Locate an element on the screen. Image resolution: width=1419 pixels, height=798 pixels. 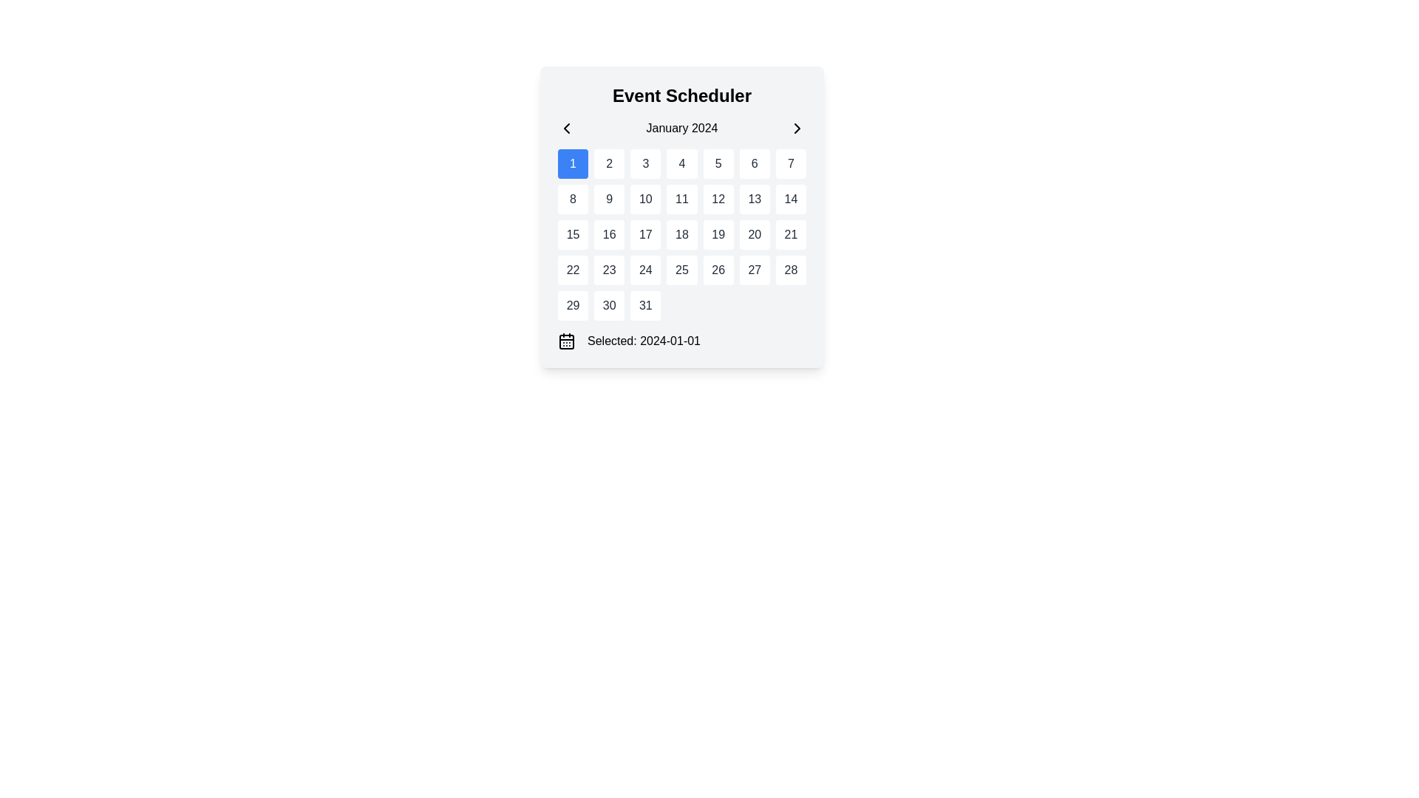
a date in the Calendar Widget by clicking on it, which is displayed as 'January 2024' with navigational arrows on either side is located at coordinates (681, 216).